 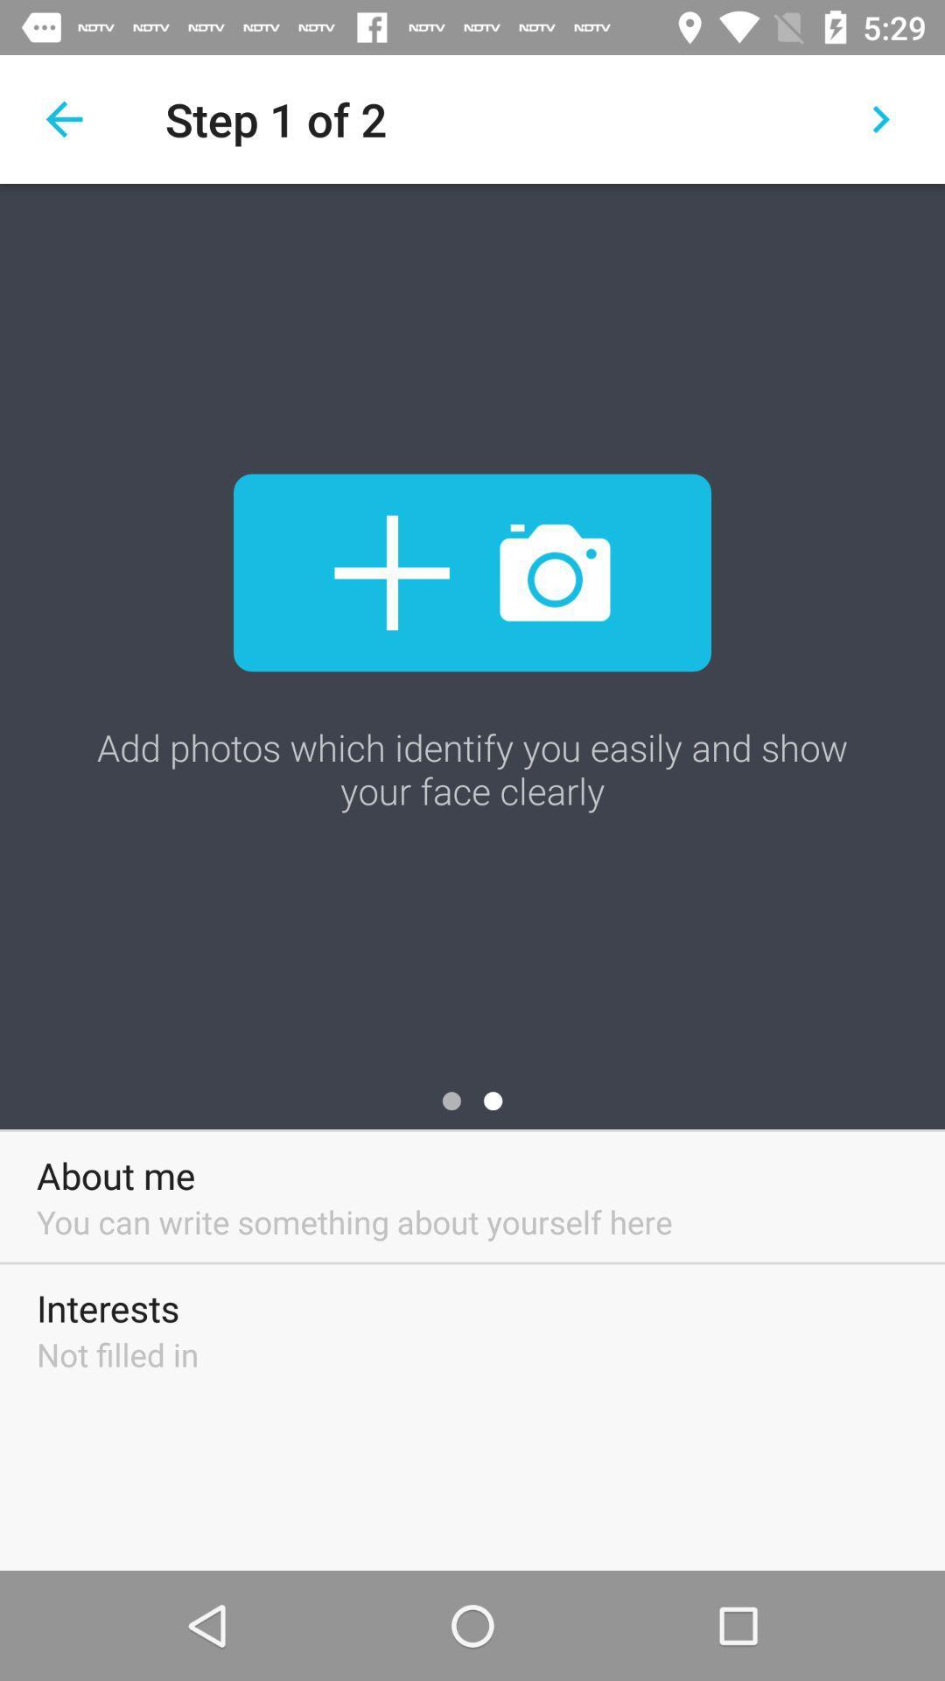 I want to click on the icon above add photos which icon, so click(x=472, y=573).